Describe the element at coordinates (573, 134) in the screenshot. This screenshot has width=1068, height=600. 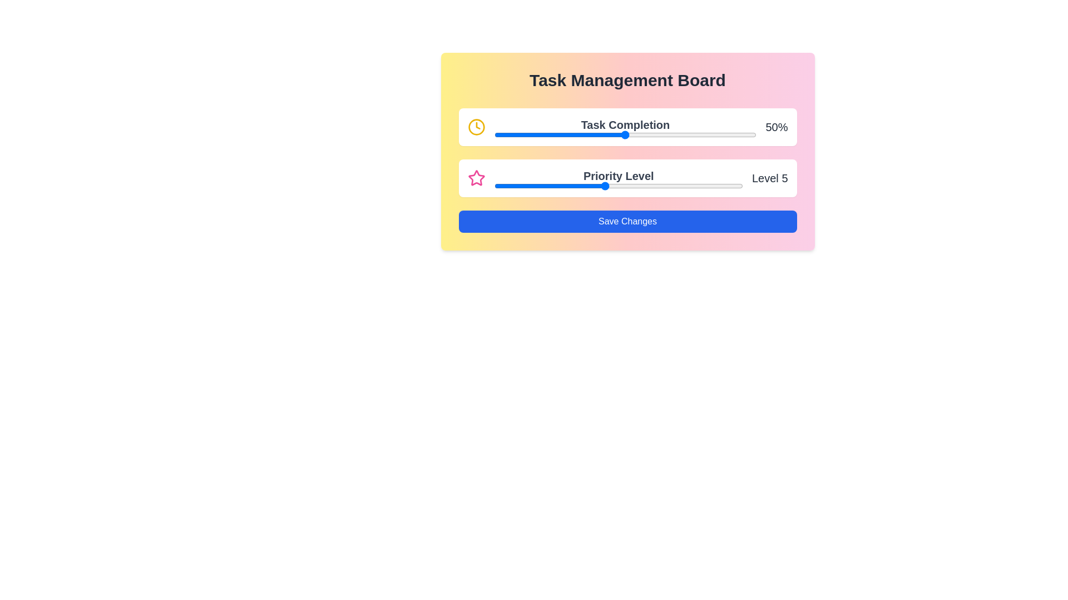
I see `the task completion slider` at that location.